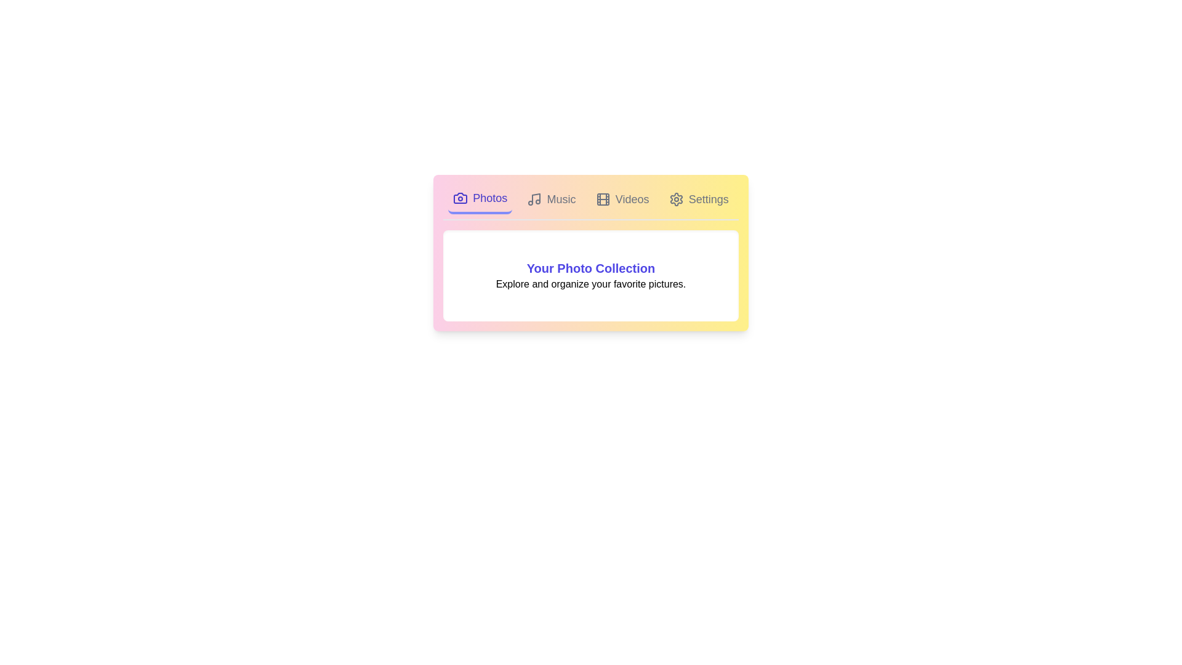  What do you see at coordinates (698, 199) in the screenshot?
I see `the tab labeled Settings to activate its visual feedback` at bounding box center [698, 199].